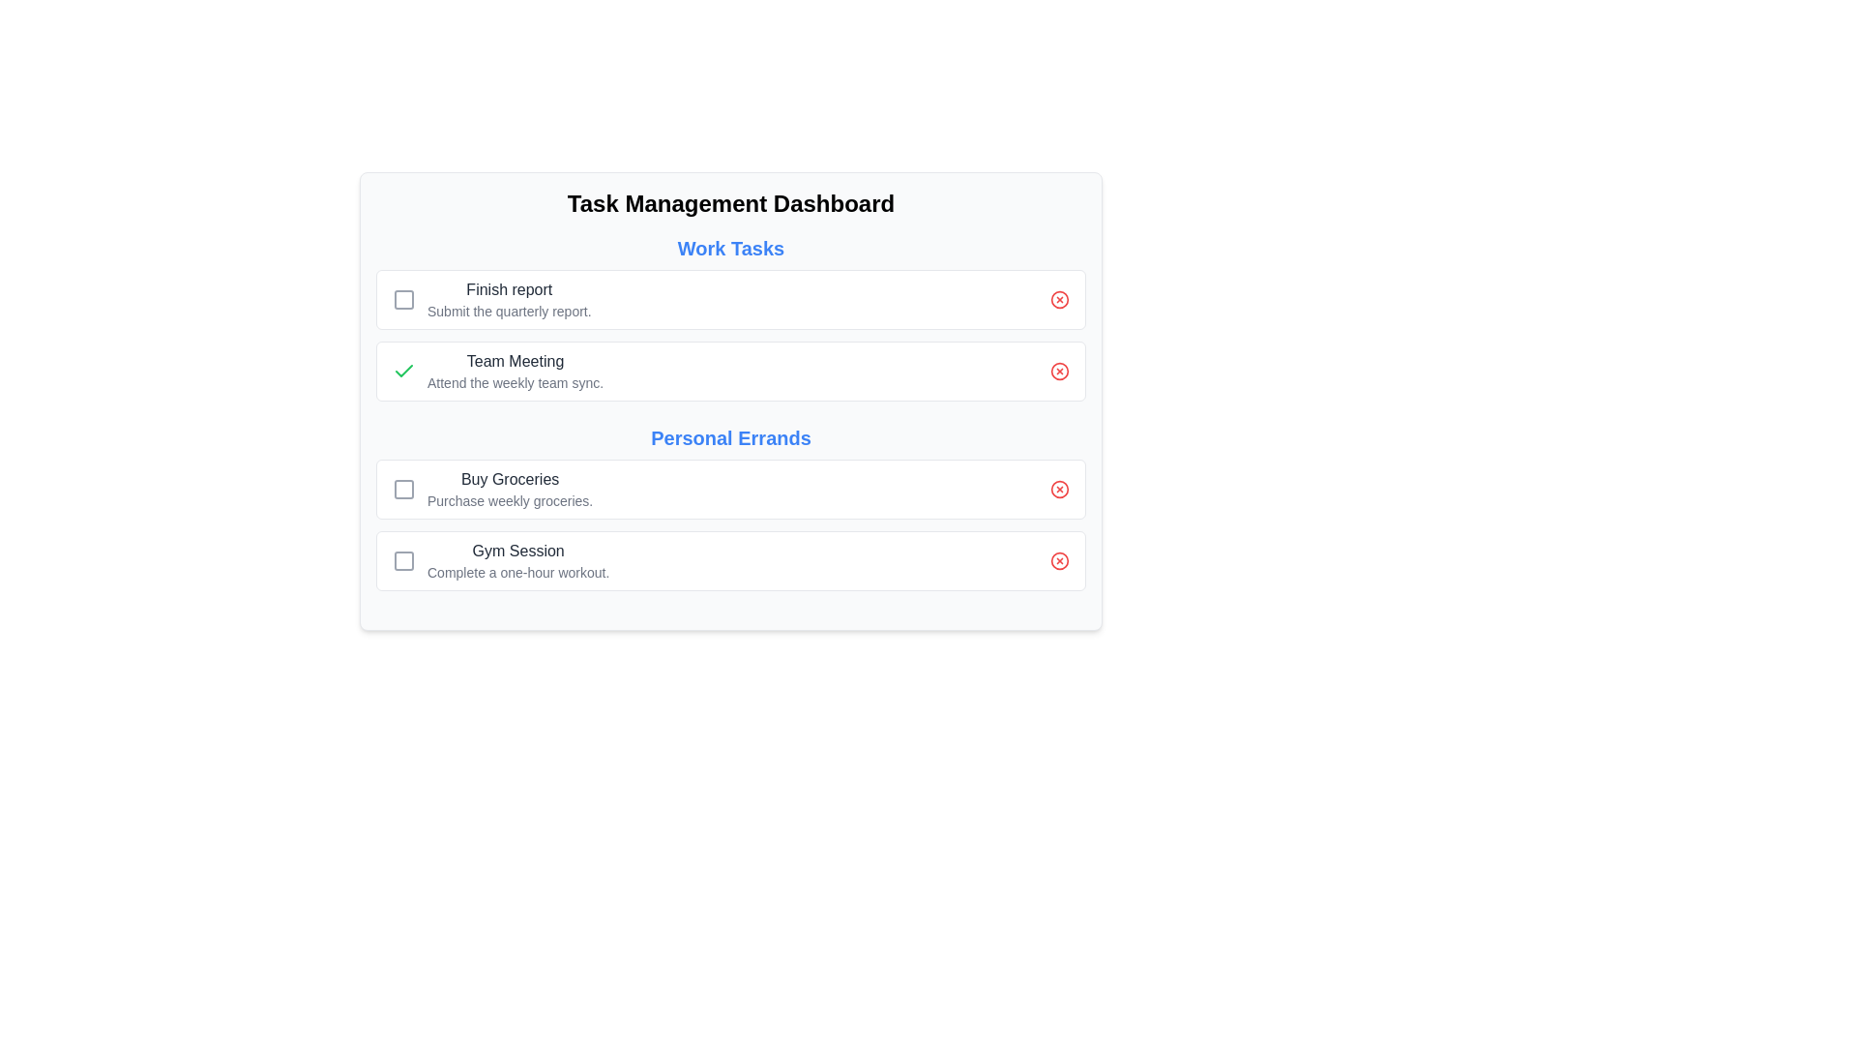 The width and height of the screenshot is (1857, 1045). Describe the element at coordinates (402, 371) in the screenshot. I see `the checkmark icon within the SVG element located at the top-right section of the 'Team Meeting' task card in the 'Work Tasks' category` at that location.